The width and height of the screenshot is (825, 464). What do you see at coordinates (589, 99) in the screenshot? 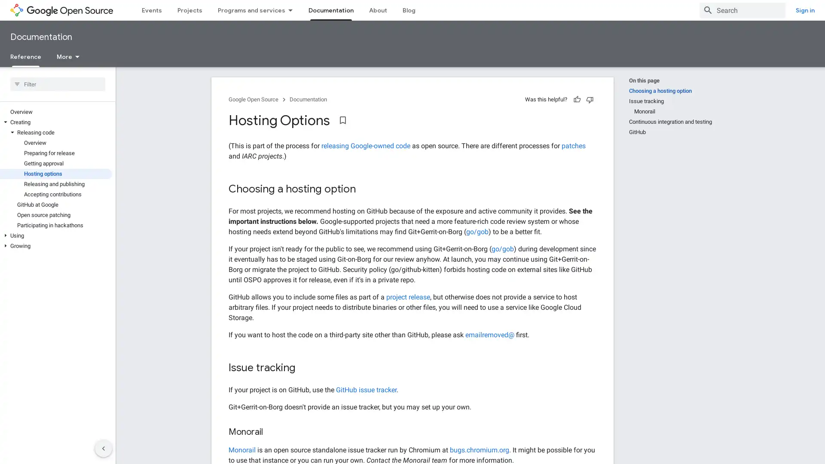
I see `Not helpful` at bounding box center [589, 99].